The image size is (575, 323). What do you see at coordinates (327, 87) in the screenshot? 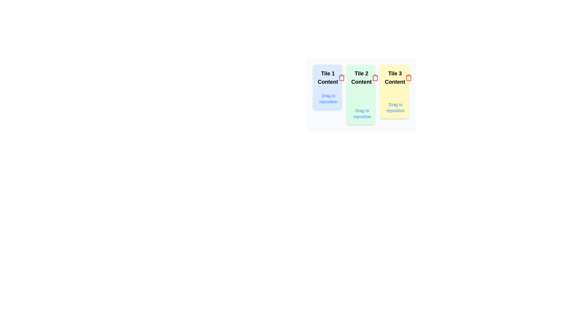
I see `the blue rectangular tile labeled 'Tile 1 Content' from its current position` at bounding box center [327, 87].